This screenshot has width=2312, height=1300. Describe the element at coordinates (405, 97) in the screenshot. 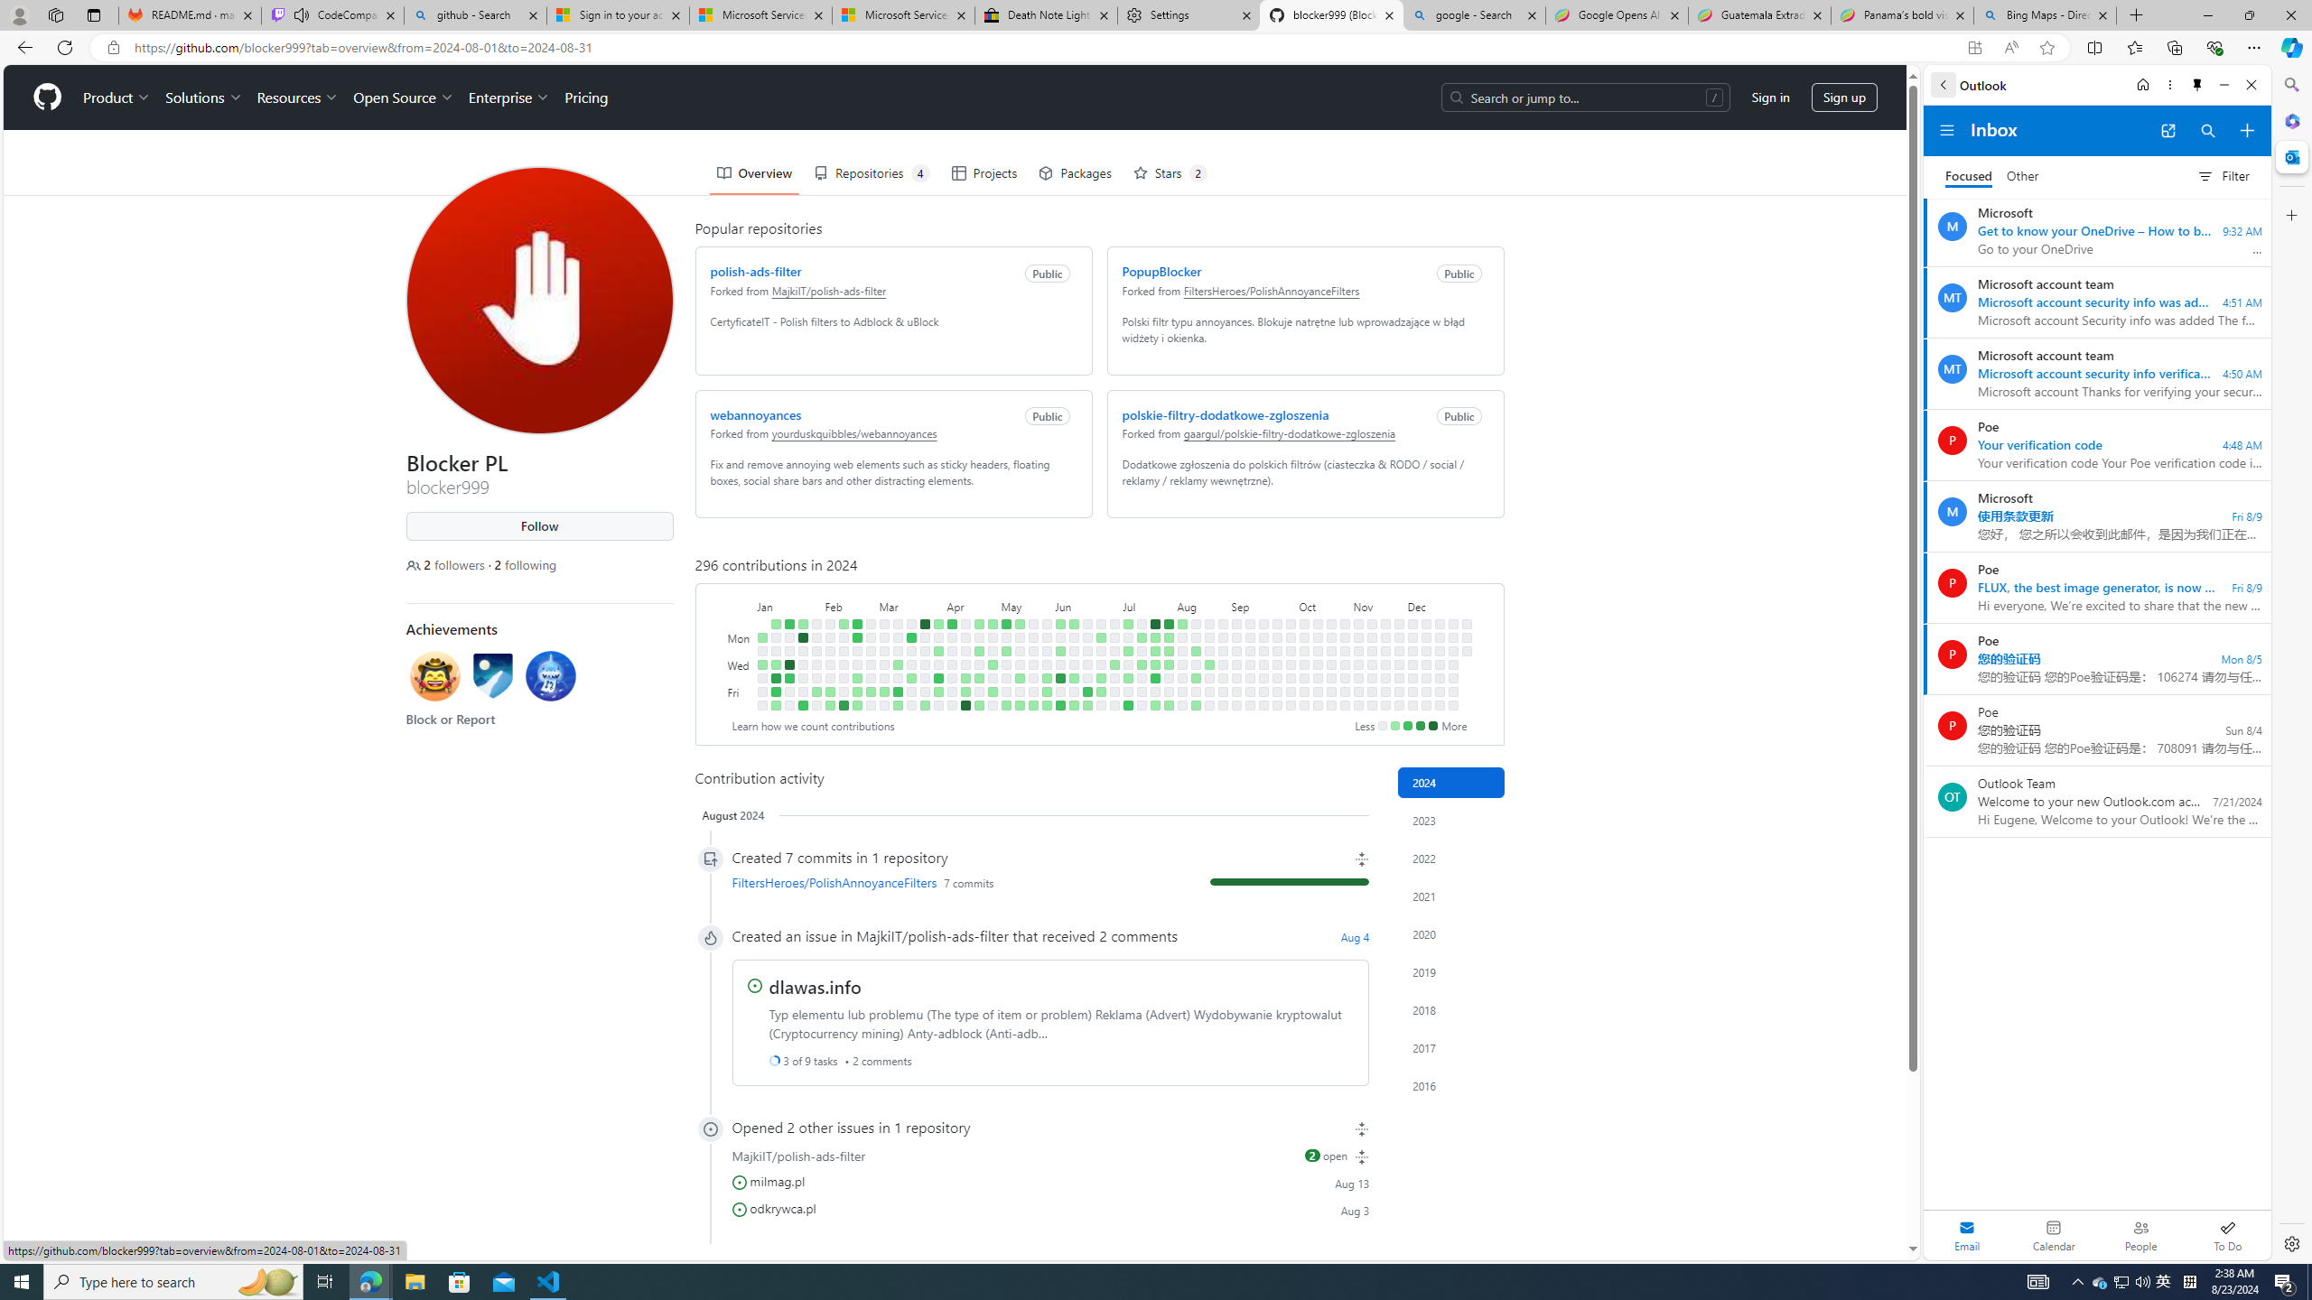

I see `'Open Source'` at that location.